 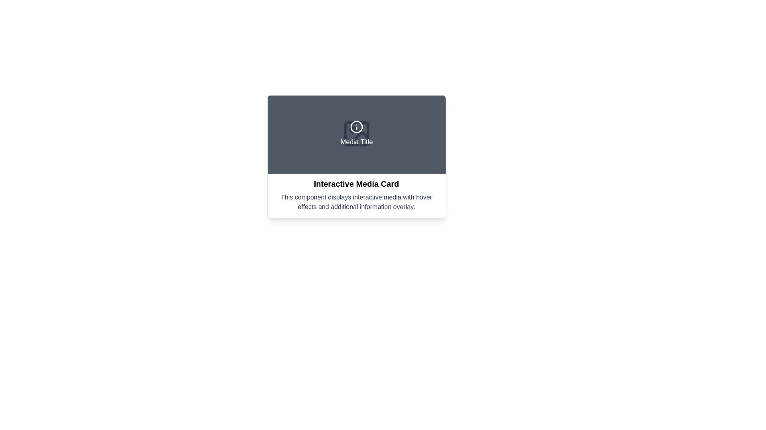 What do you see at coordinates (356, 184) in the screenshot?
I see `bold, large-sized title text 'Interactive Media Card' located at the top of the information section` at bounding box center [356, 184].